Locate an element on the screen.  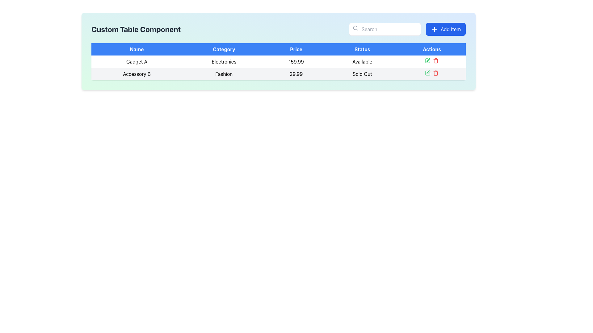
the Text label that displays the category associated with the product in the second column of the first row of the table is located at coordinates (224, 62).